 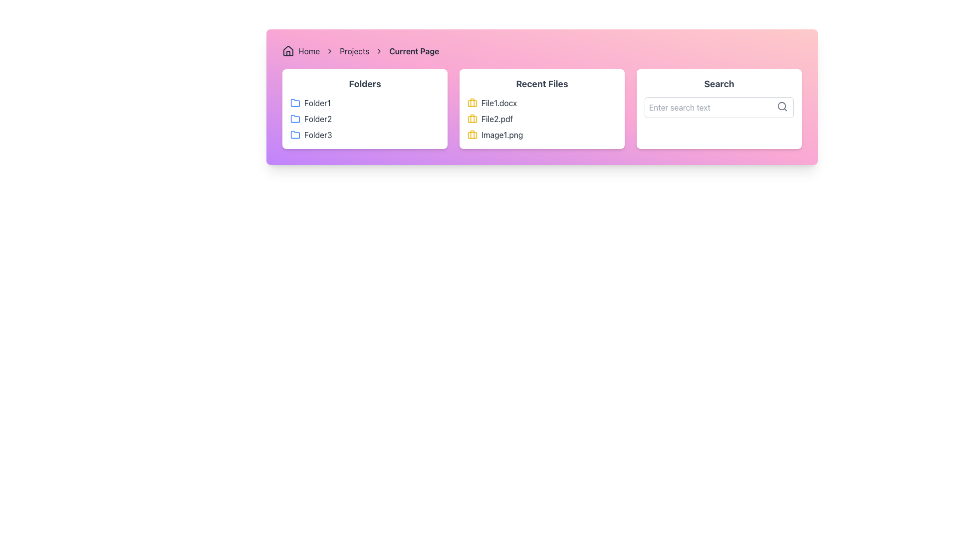 What do you see at coordinates (300, 51) in the screenshot?
I see `the 'Home' navigational link with an adjacent house icon in the breadcrumb navigation bar` at bounding box center [300, 51].